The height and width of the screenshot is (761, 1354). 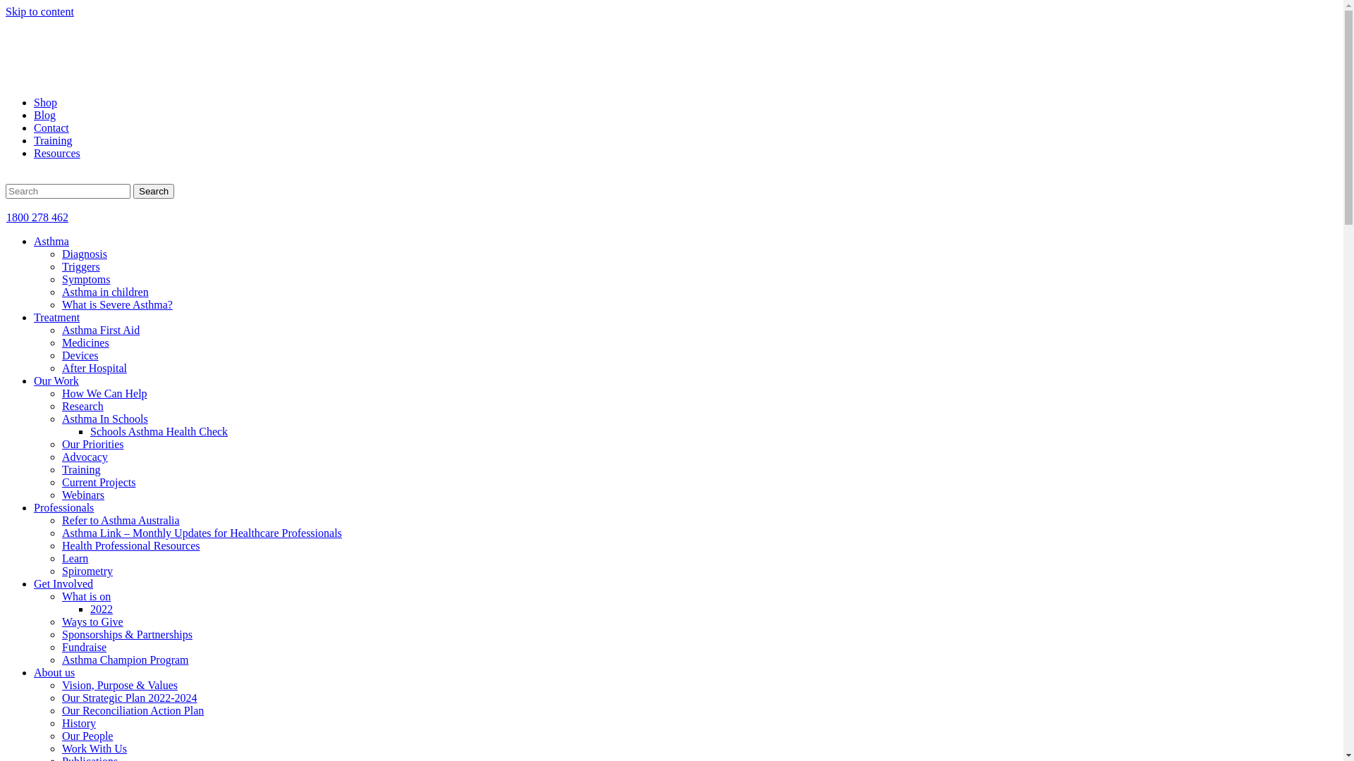 I want to click on 'Health Professional Resources', so click(x=131, y=545).